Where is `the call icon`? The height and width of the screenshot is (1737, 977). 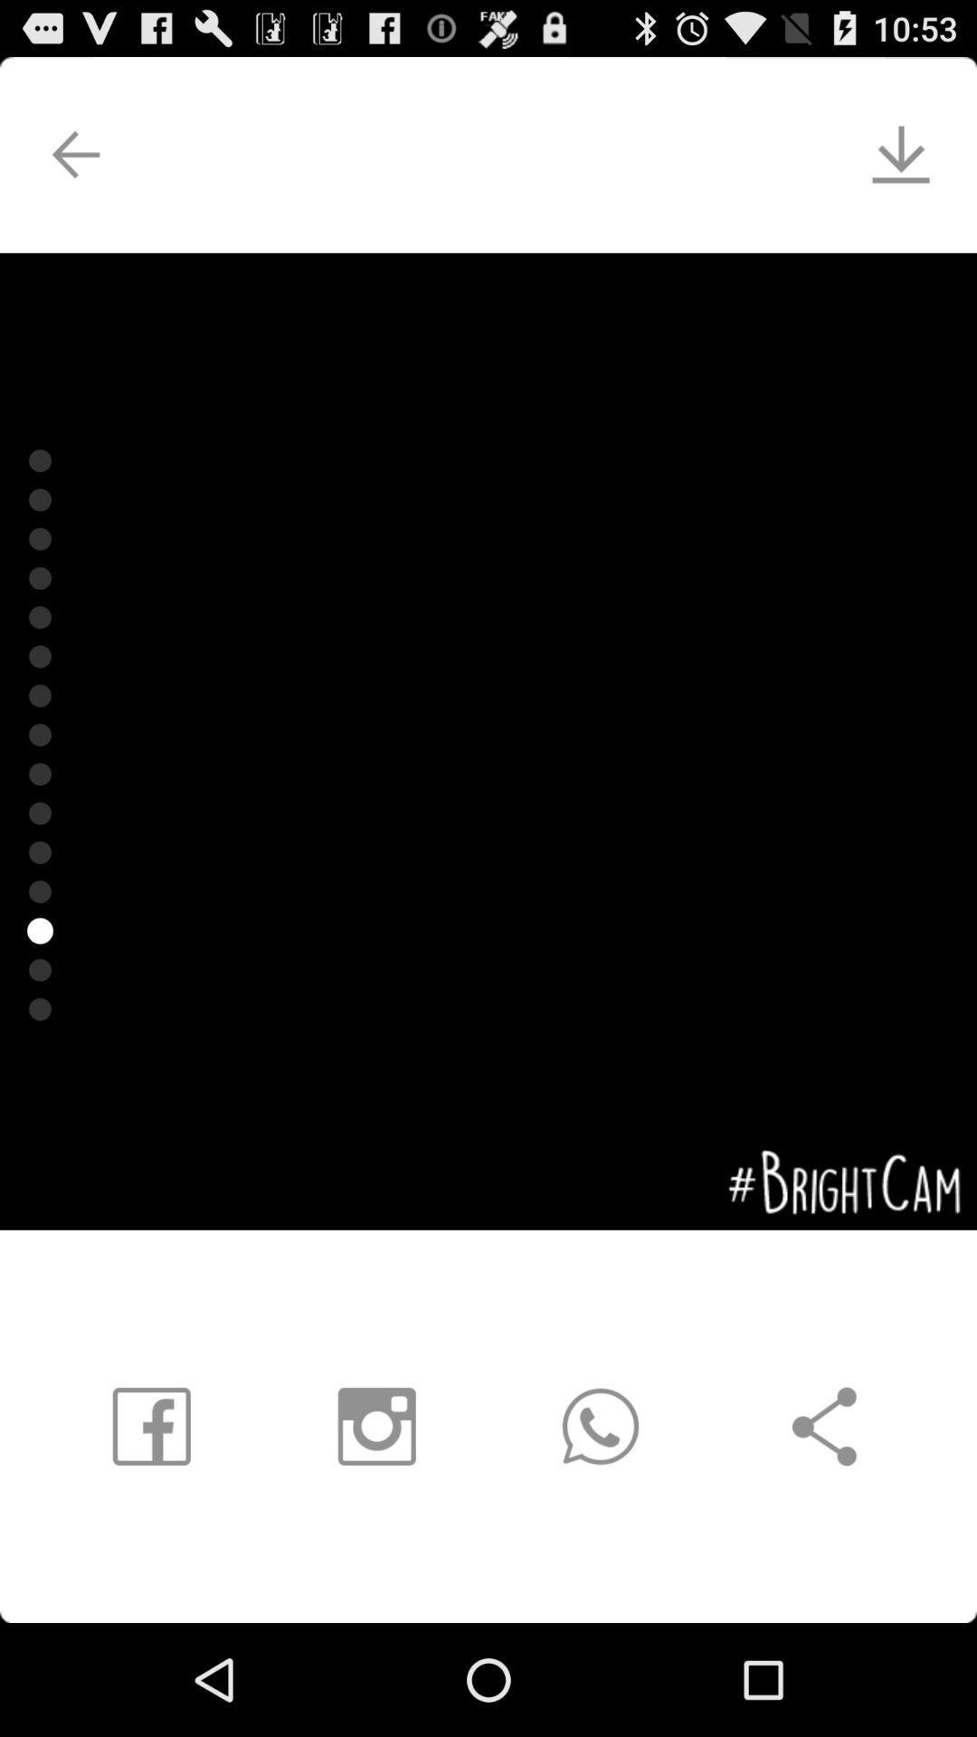
the call icon is located at coordinates (608, 1525).